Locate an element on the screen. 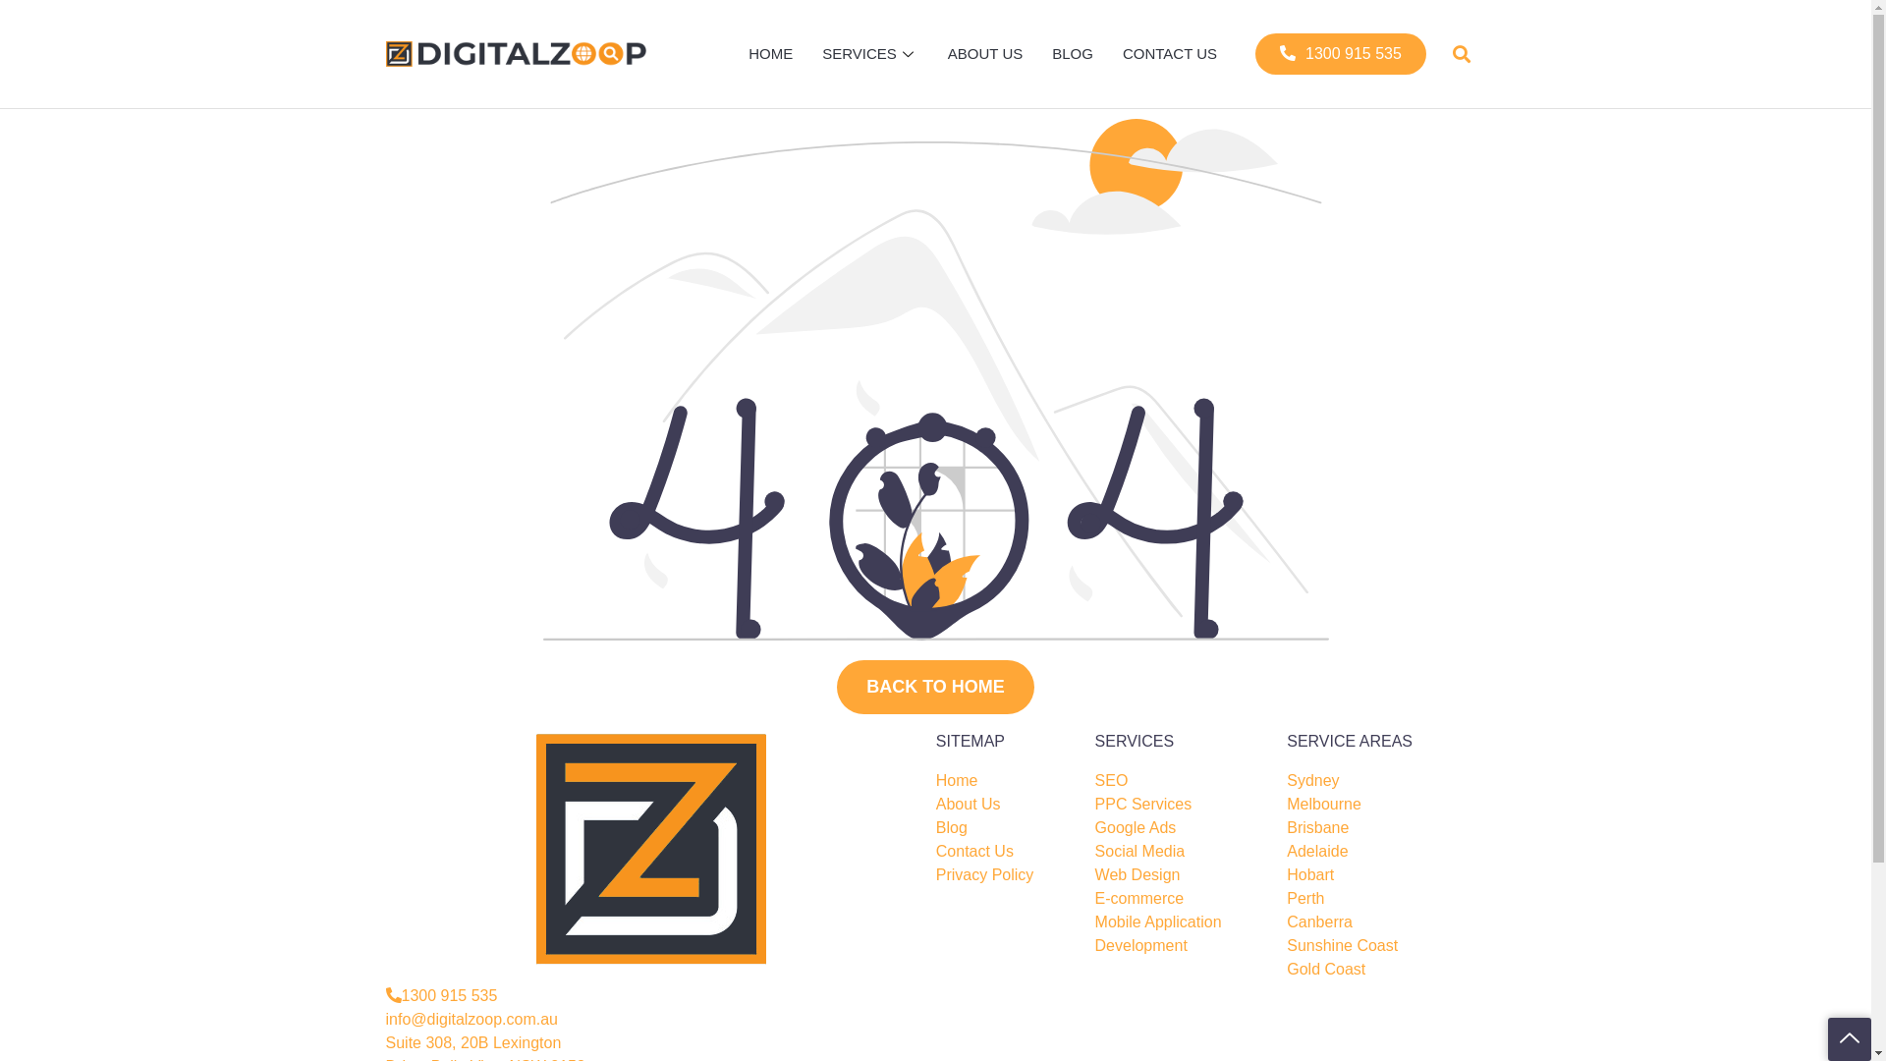 This screenshot has height=1061, width=1886. 'CONTACT US' is located at coordinates (1108, 52).